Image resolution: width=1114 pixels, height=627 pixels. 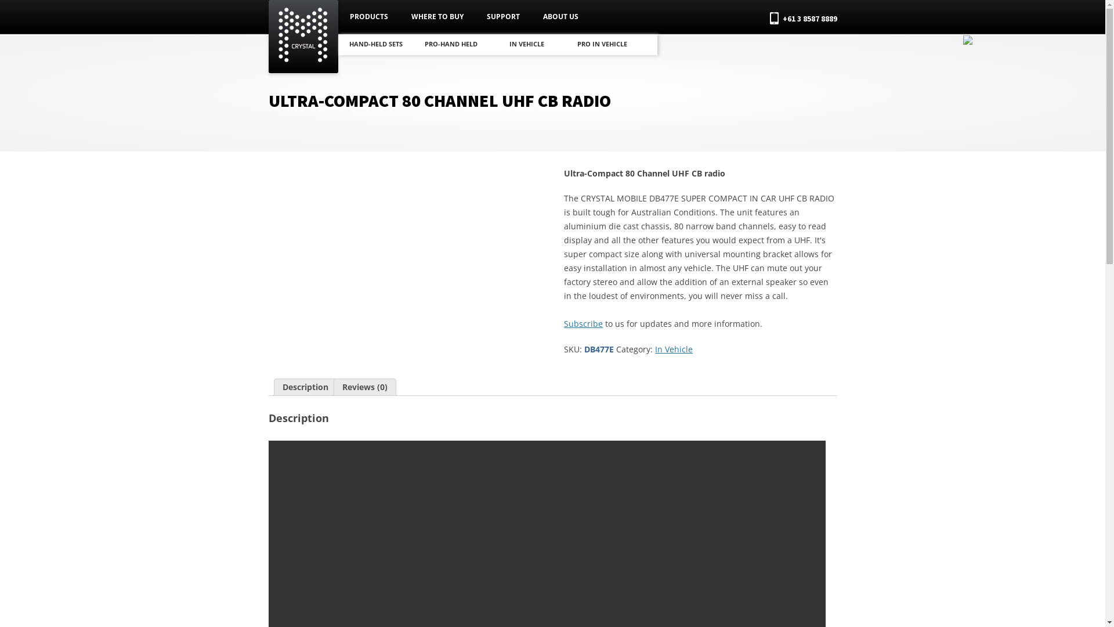 What do you see at coordinates (502, 17) in the screenshot?
I see `'SUPPORT'` at bounding box center [502, 17].